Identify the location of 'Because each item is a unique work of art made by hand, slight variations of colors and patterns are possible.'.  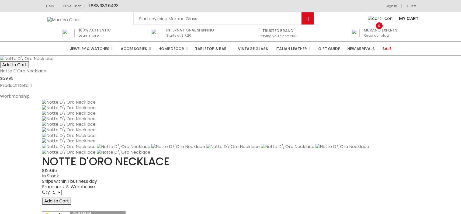
(157, 208).